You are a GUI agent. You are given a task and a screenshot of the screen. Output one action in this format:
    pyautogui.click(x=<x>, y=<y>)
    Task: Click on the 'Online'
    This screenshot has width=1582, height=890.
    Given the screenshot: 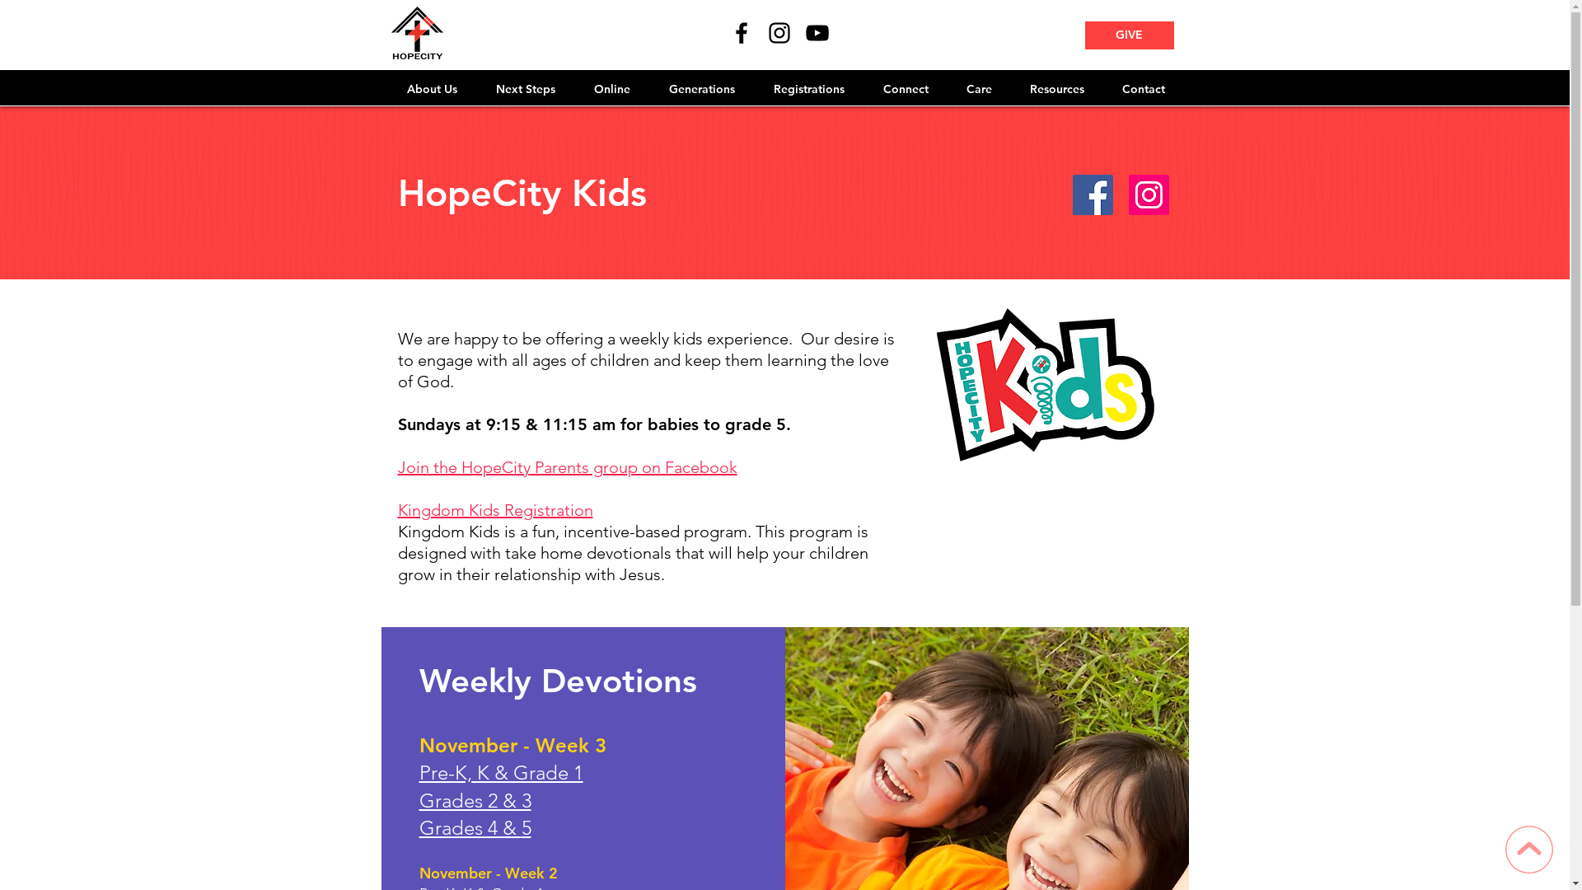 What is the action you would take?
    pyautogui.click(x=611, y=89)
    